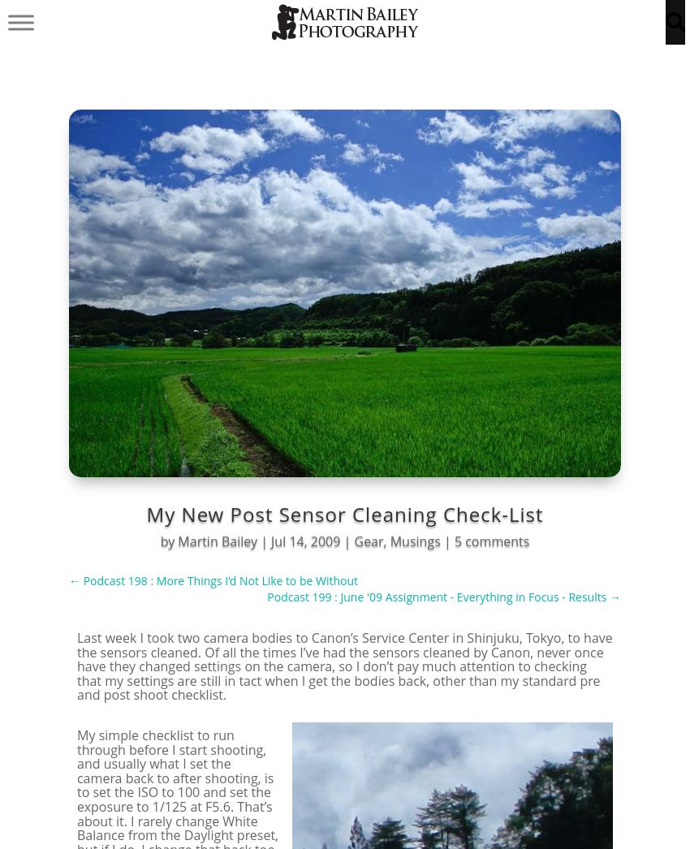  Describe the element at coordinates (216, 541) in the screenshot. I see `'Martin Bailey'` at that location.